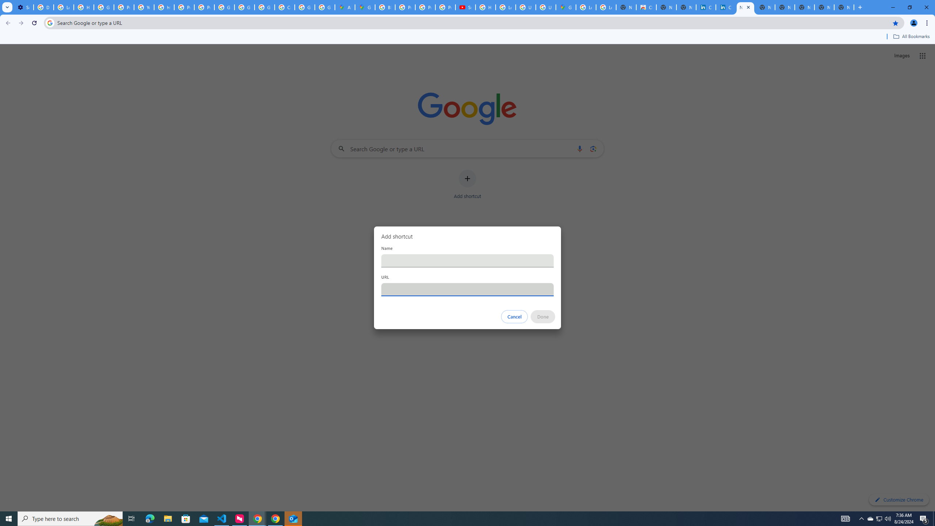 This screenshot has height=526, width=935. Describe the element at coordinates (284, 7) in the screenshot. I see `'Create your Google Account'` at that location.